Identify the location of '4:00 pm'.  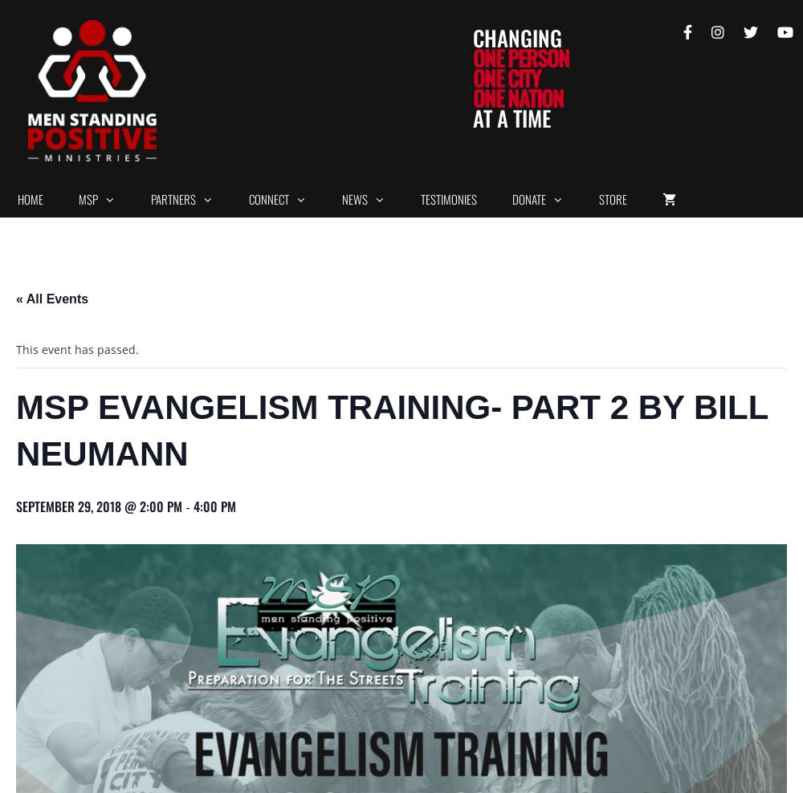
(214, 505).